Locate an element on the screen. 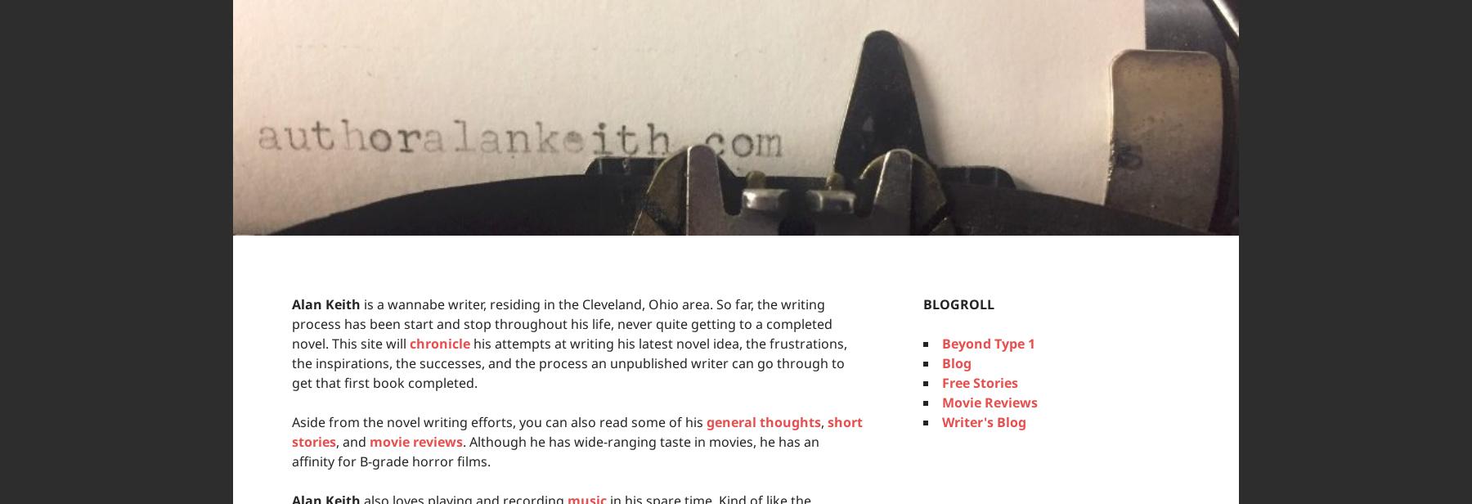 The height and width of the screenshot is (504, 1472). 'his attempts at writing his latest novel idea, the frustrations, the inspirations, the successes, and the process an unpublished writer can go through to get that first book completed.' is located at coordinates (568, 363).